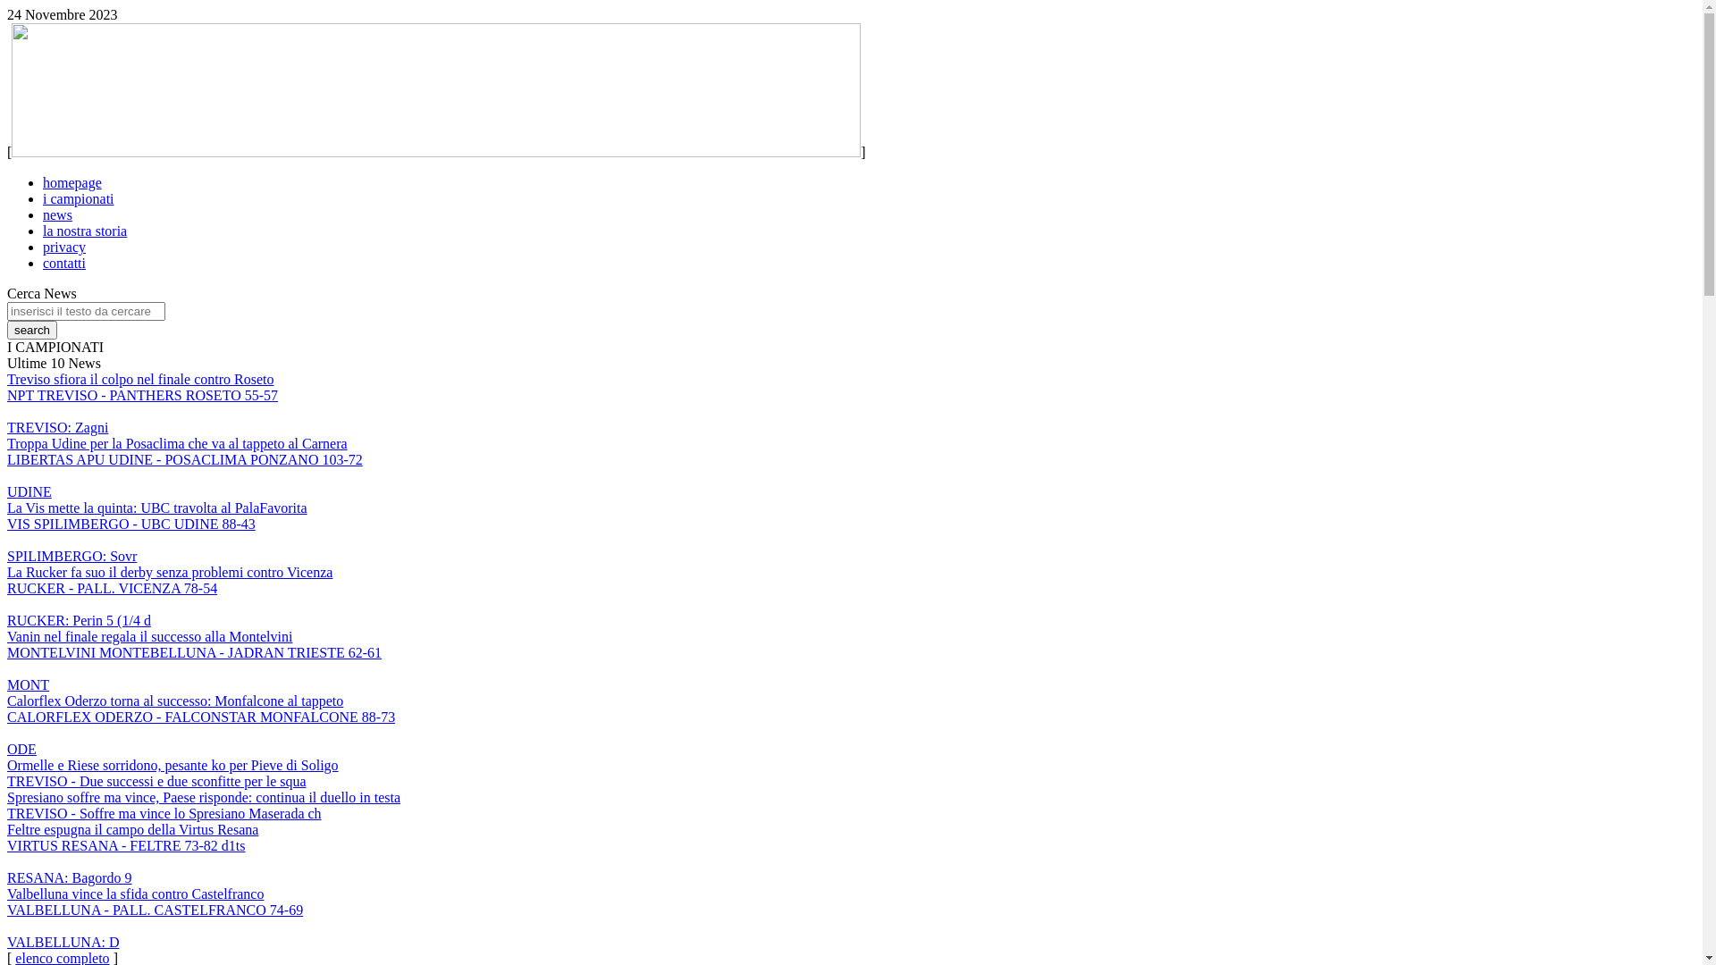 Image resolution: width=1716 pixels, height=965 pixels. What do you see at coordinates (155, 925) in the screenshot?
I see `'VALBELLUNA - PALL. CASTELFRANCO 74-69` at bounding box center [155, 925].